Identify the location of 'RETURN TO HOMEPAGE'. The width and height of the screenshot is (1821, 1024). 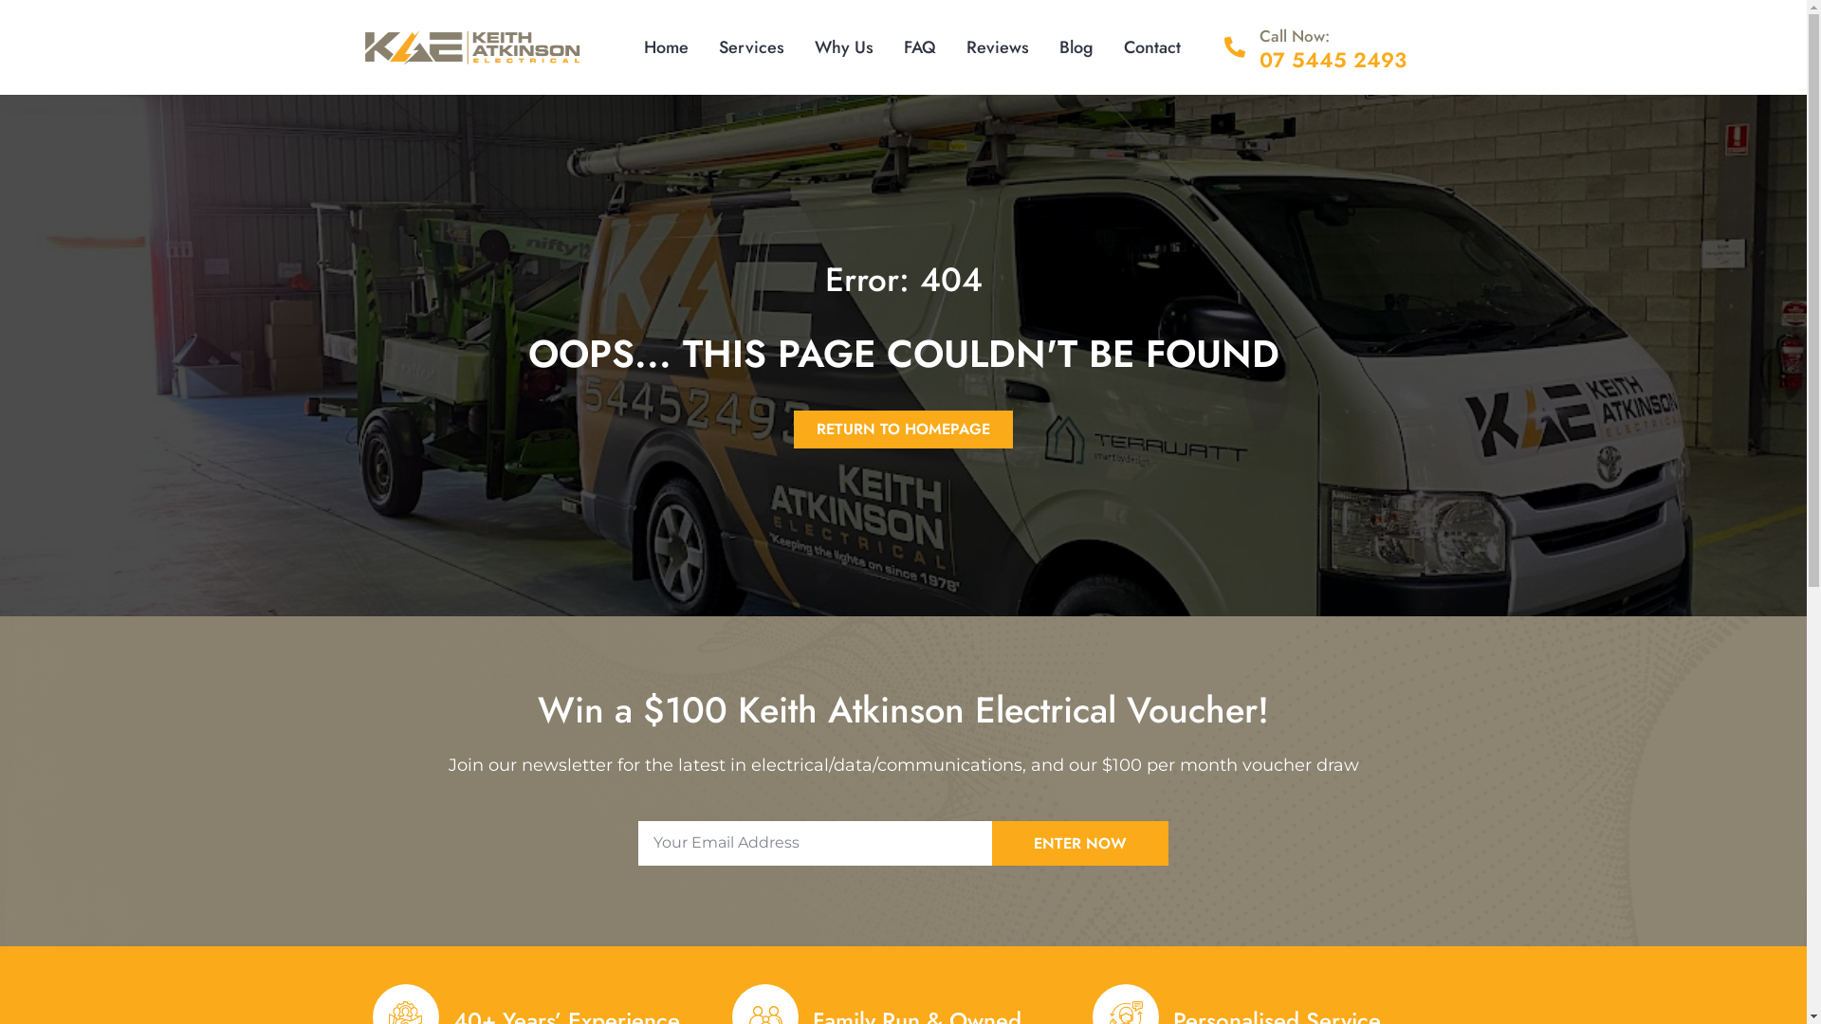
(902, 428).